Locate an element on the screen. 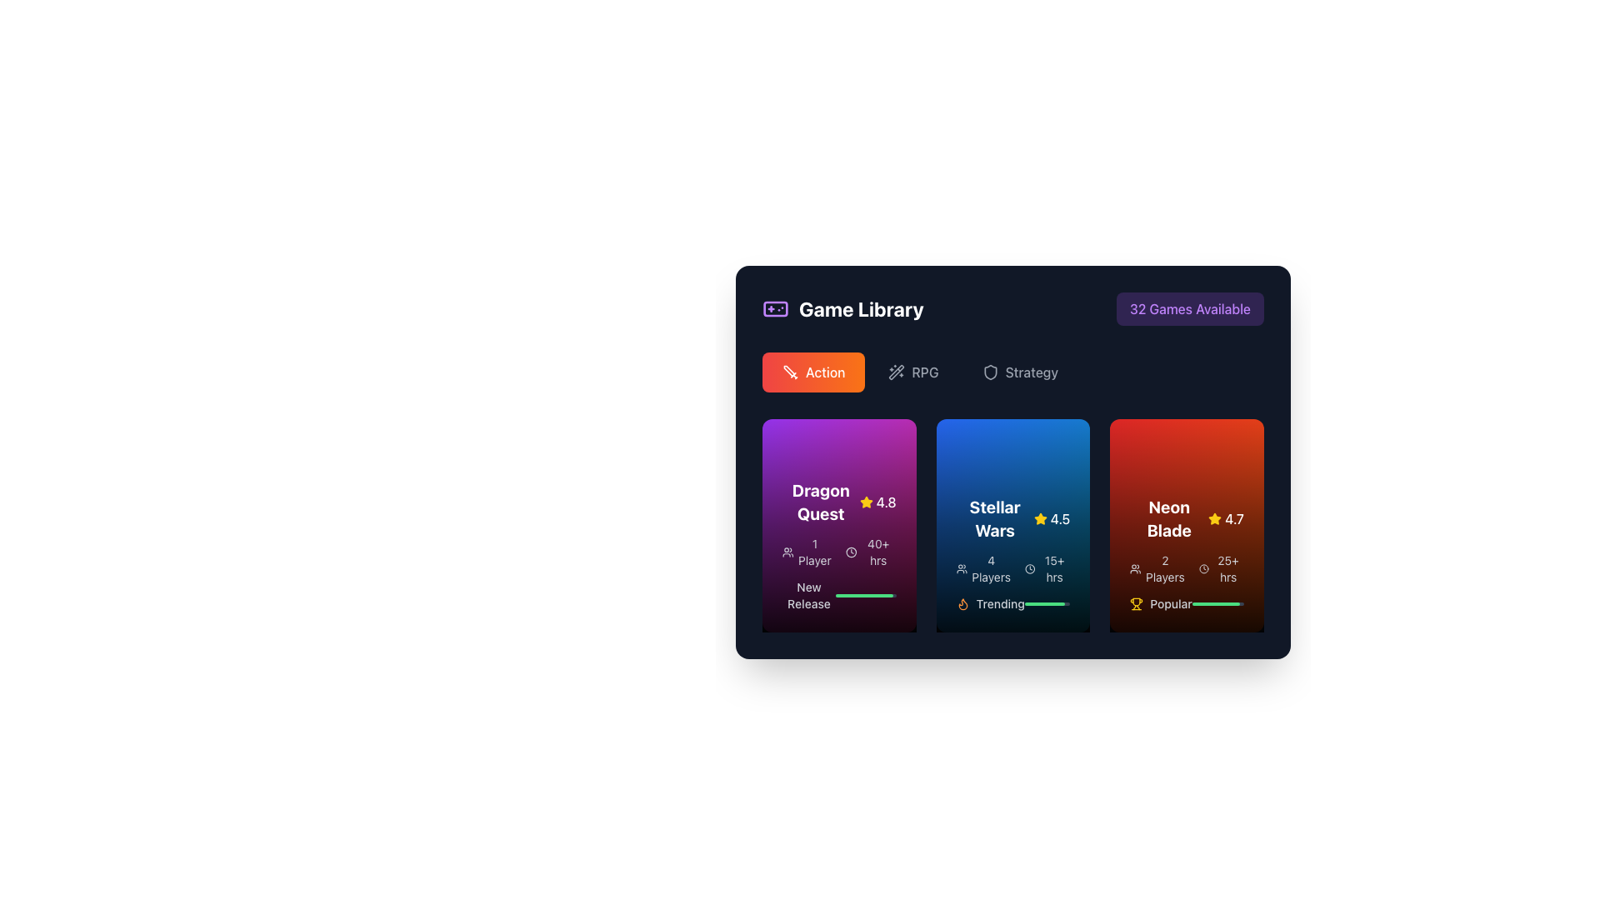  the progress bar of the Status indicator labeled 'Trending', which is located in the bottom section of the 'Stellar Wars' game card, indicating the trend level is located at coordinates (1012, 604).